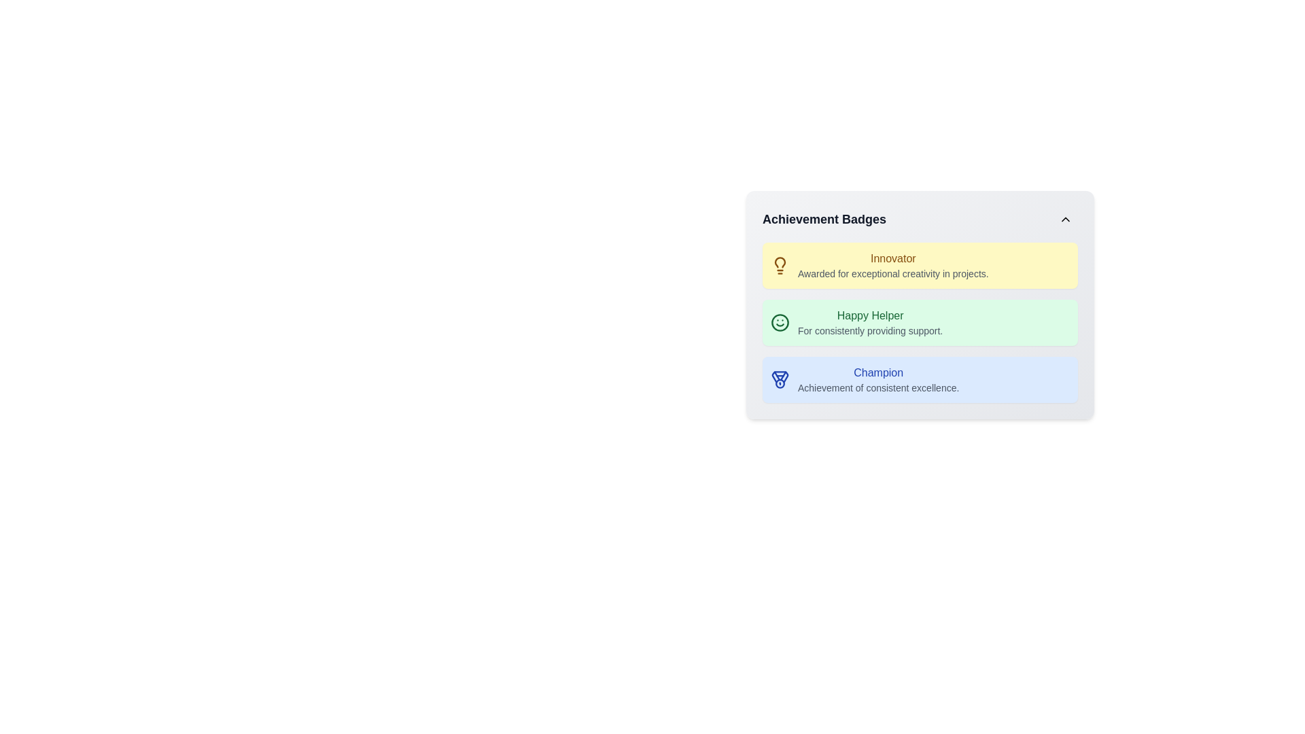 This screenshot has width=1305, height=734. What do you see at coordinates (920, 265) in the screenshot?
I see `the Informational card element featuring a lightbulb icon and the title 'Innovator' which is the first in the list of achievement badges` at bounding box center [920, 265].